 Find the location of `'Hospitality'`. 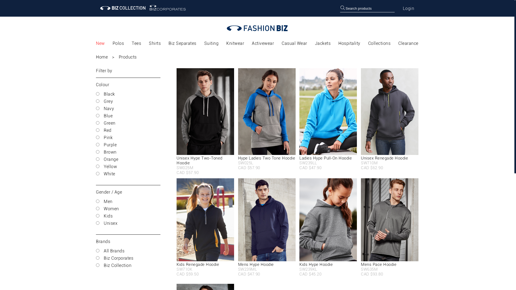

'Hospitality' is located at coordinates (349, 43).